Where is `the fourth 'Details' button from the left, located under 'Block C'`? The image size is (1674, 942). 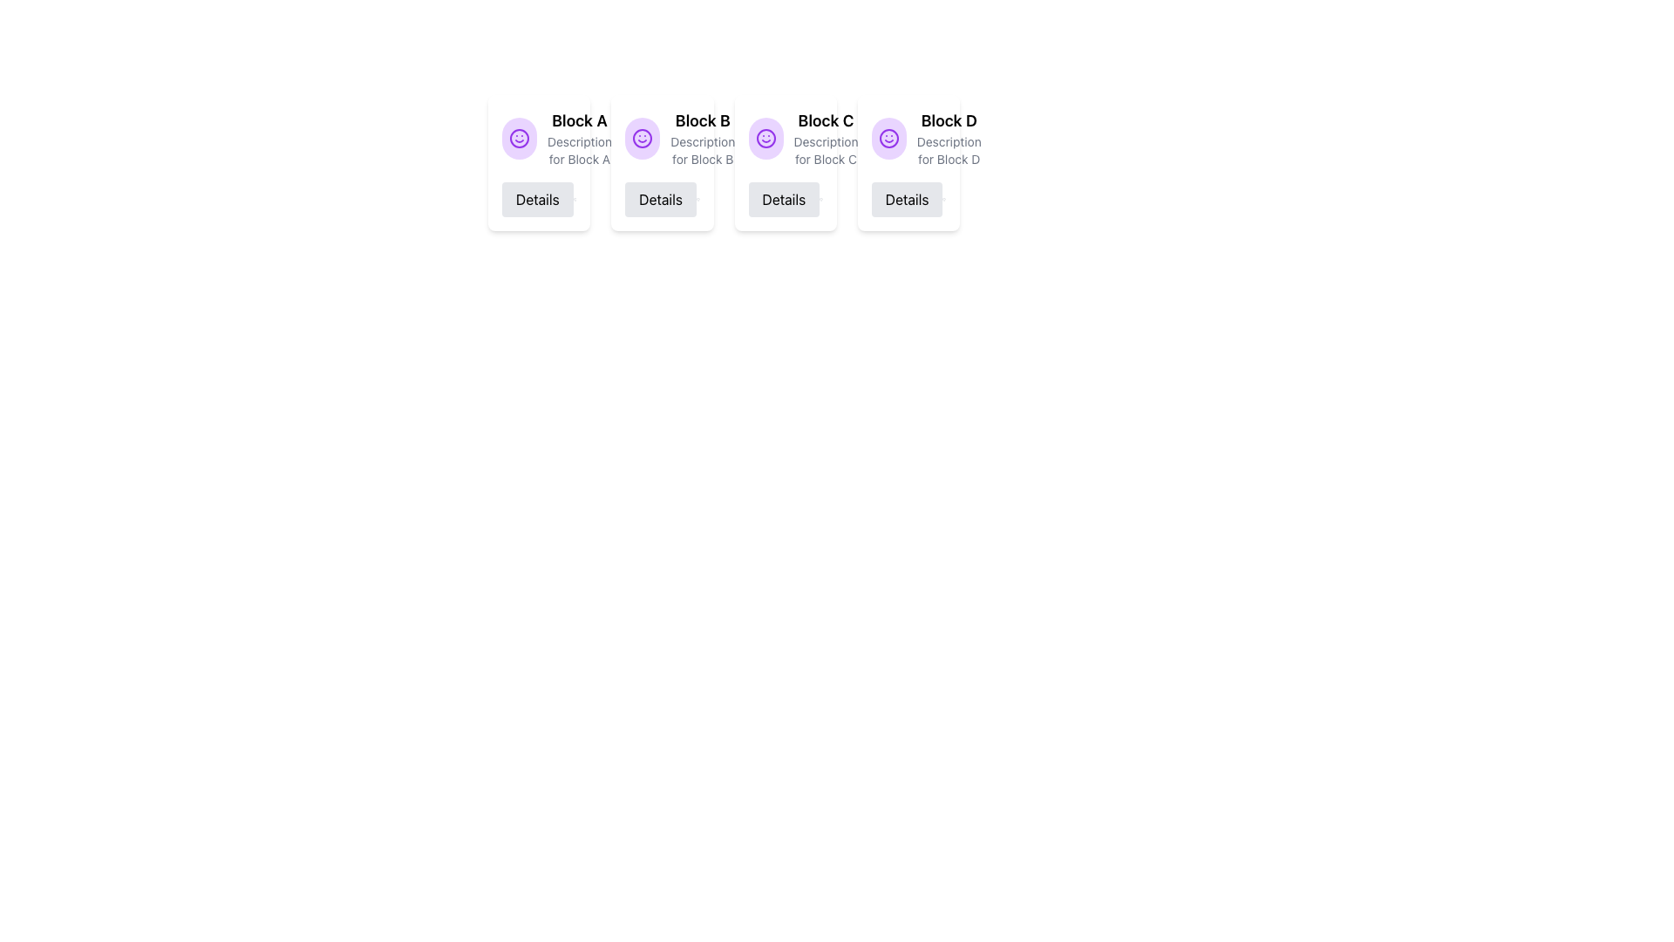
the fourth 'Details' button from the left, located under 'Block C' is located at coordinates (783, 198).